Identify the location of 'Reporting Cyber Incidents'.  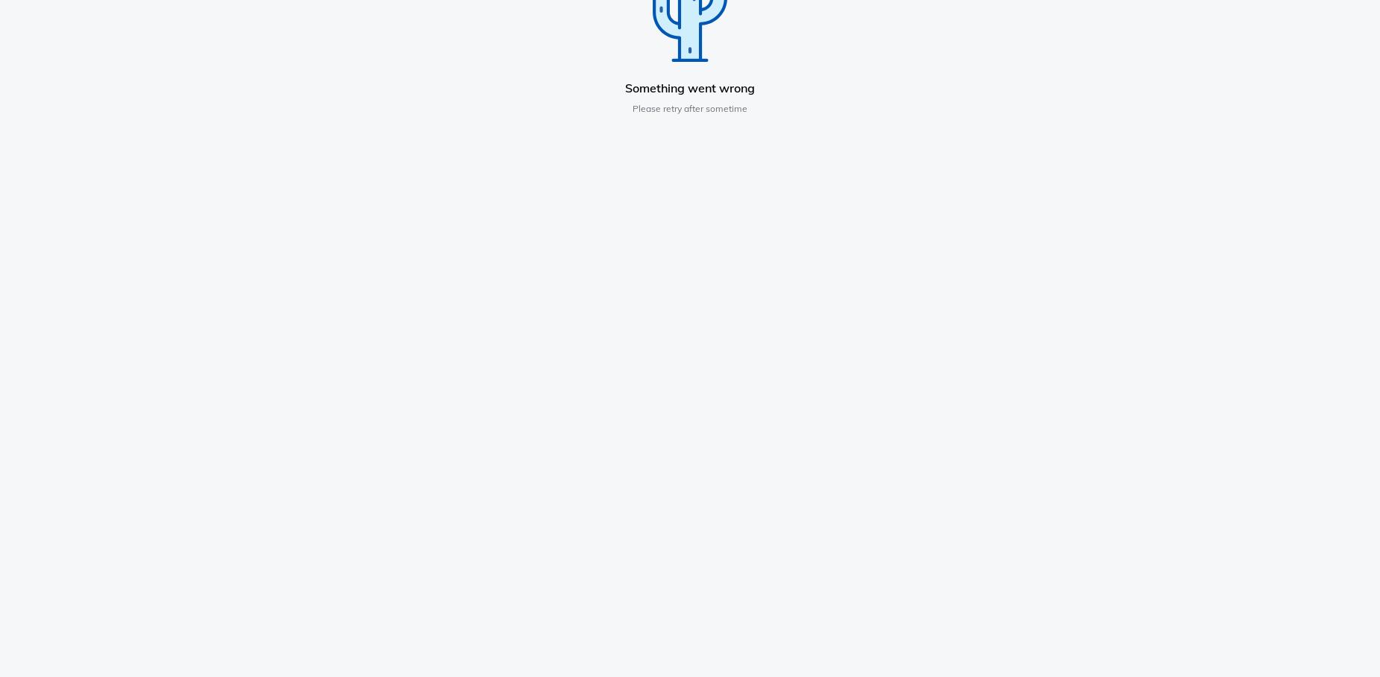
(874, 300).